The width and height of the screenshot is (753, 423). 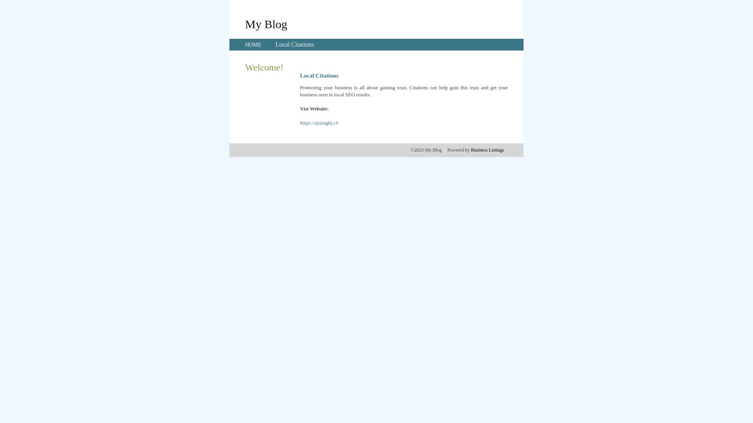 What do you see at coordinates (319, 123) in the screenshot?
I see `'https://ajsiasghj.cf/'` at bounding box center [319, 123].